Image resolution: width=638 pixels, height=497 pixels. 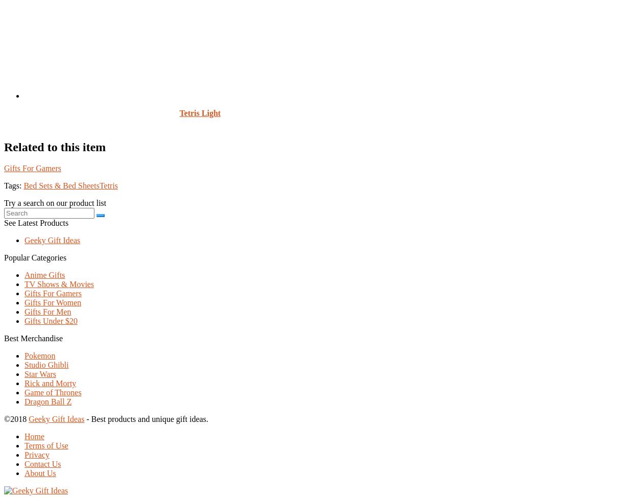 I want to click on '- Best products and unique gift ideas.', so click(x=146, y=418).